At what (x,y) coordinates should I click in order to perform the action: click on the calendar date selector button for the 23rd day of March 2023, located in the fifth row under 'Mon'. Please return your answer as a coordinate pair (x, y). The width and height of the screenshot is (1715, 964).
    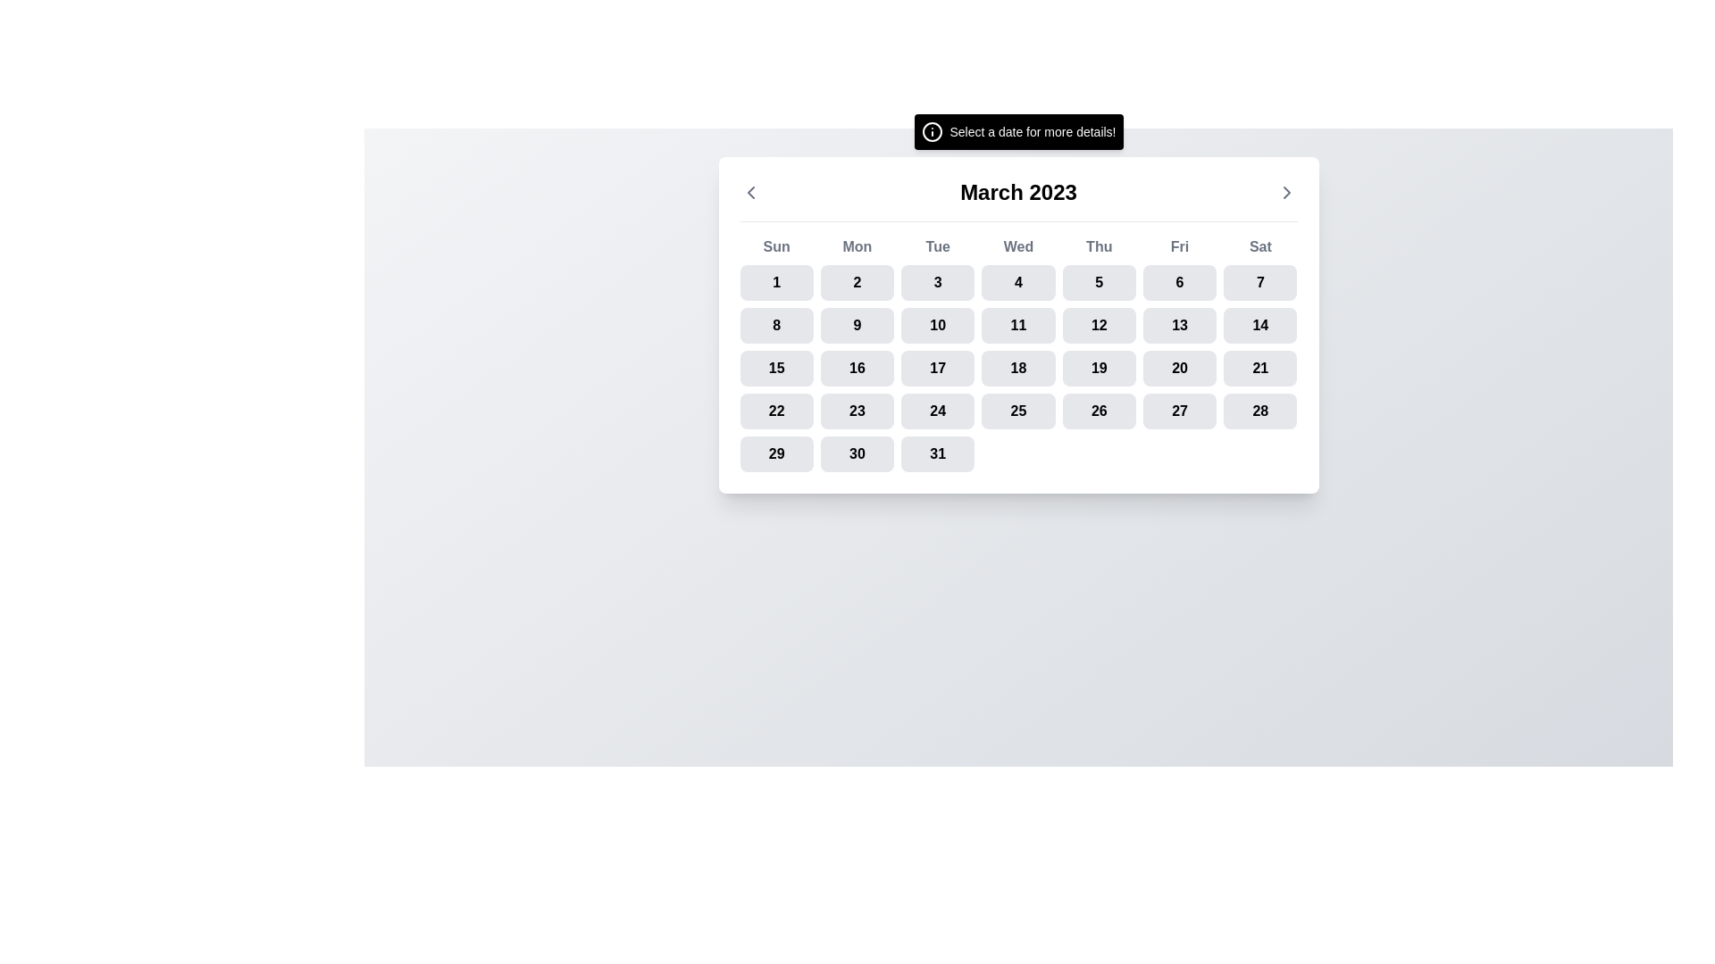
    Looking at the image, I should click on (857, 411).